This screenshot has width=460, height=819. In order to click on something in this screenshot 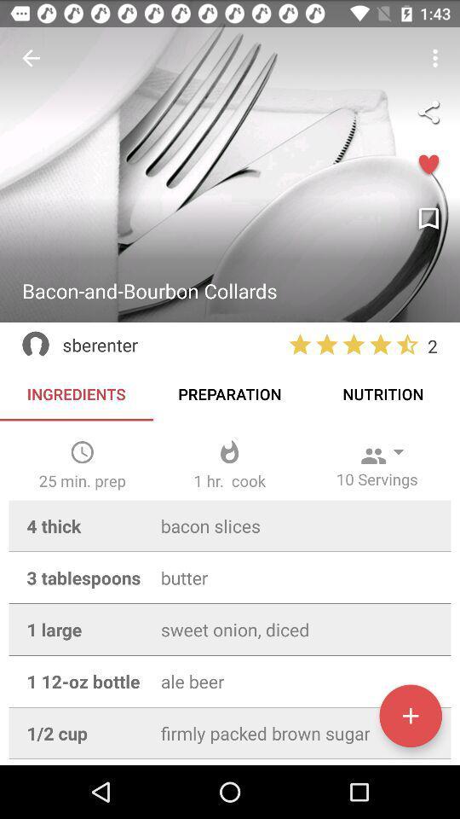, I will do `click(410, 716)`.